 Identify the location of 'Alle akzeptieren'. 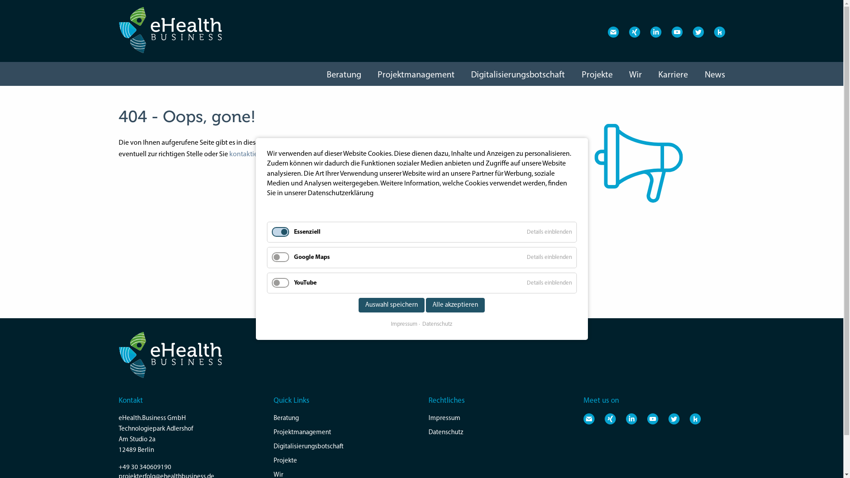
(455, 305).